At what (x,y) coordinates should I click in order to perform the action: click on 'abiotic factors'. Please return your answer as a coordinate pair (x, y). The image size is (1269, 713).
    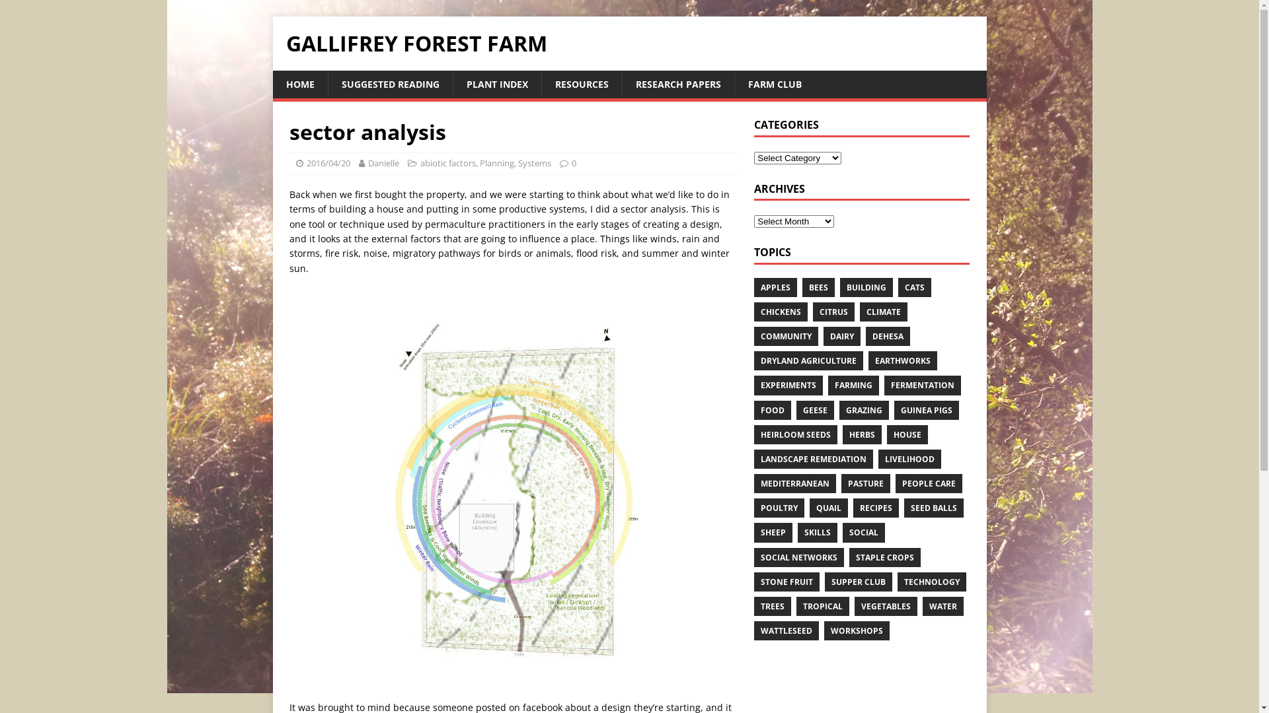
    Looking at the image, I should click on (447, 162).